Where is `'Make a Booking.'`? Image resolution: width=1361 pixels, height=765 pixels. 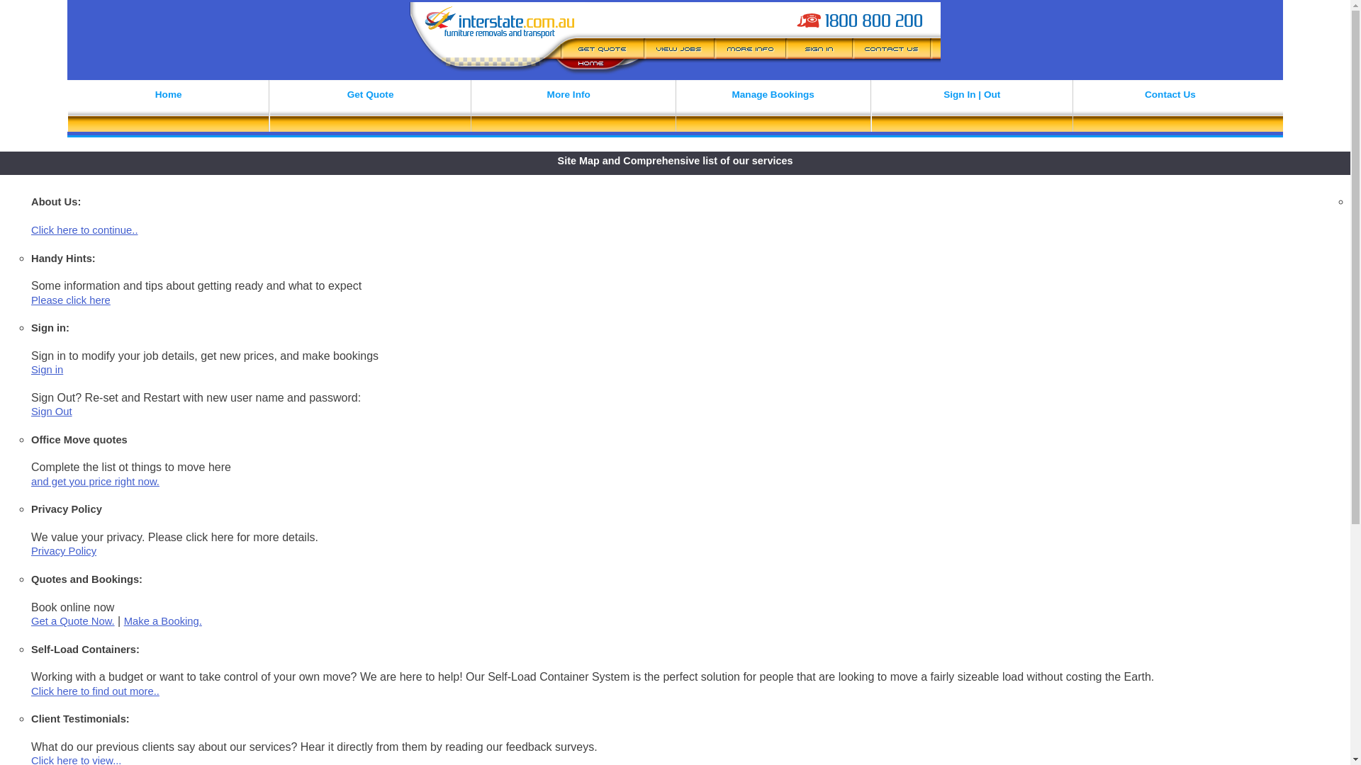
'Make a Booking.' is located at coordinates (163, 620).